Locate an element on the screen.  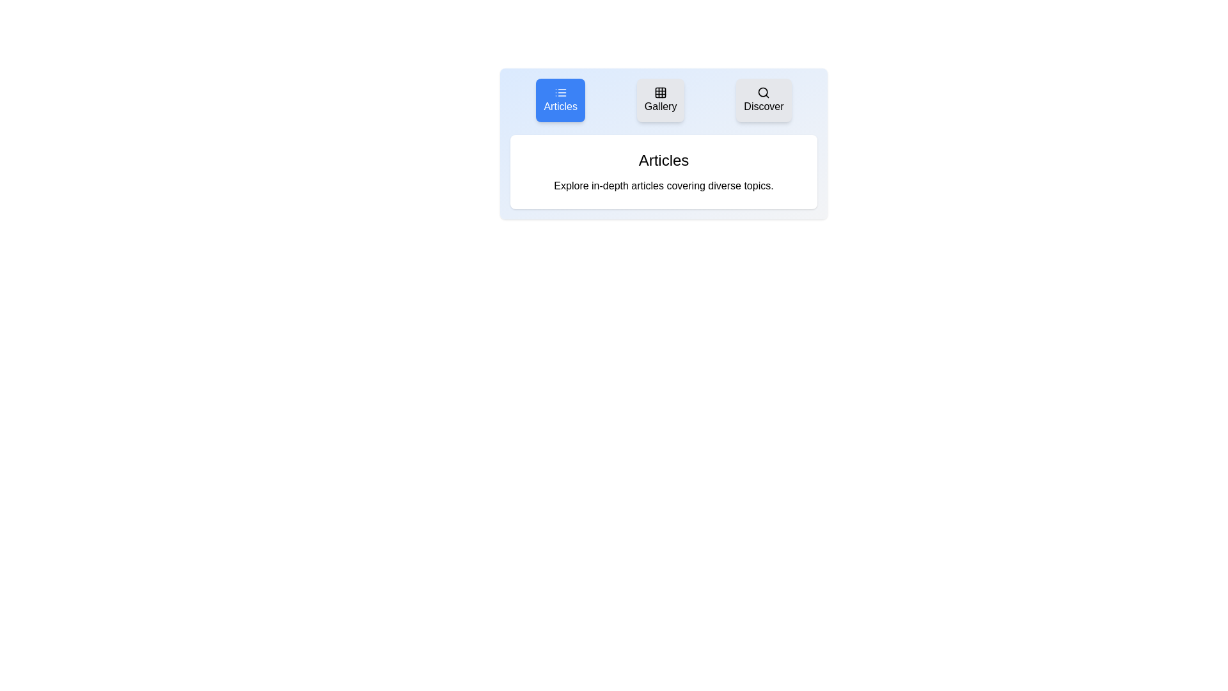
the tab labeled Discover to view its content is located at coordinates (764, 100).